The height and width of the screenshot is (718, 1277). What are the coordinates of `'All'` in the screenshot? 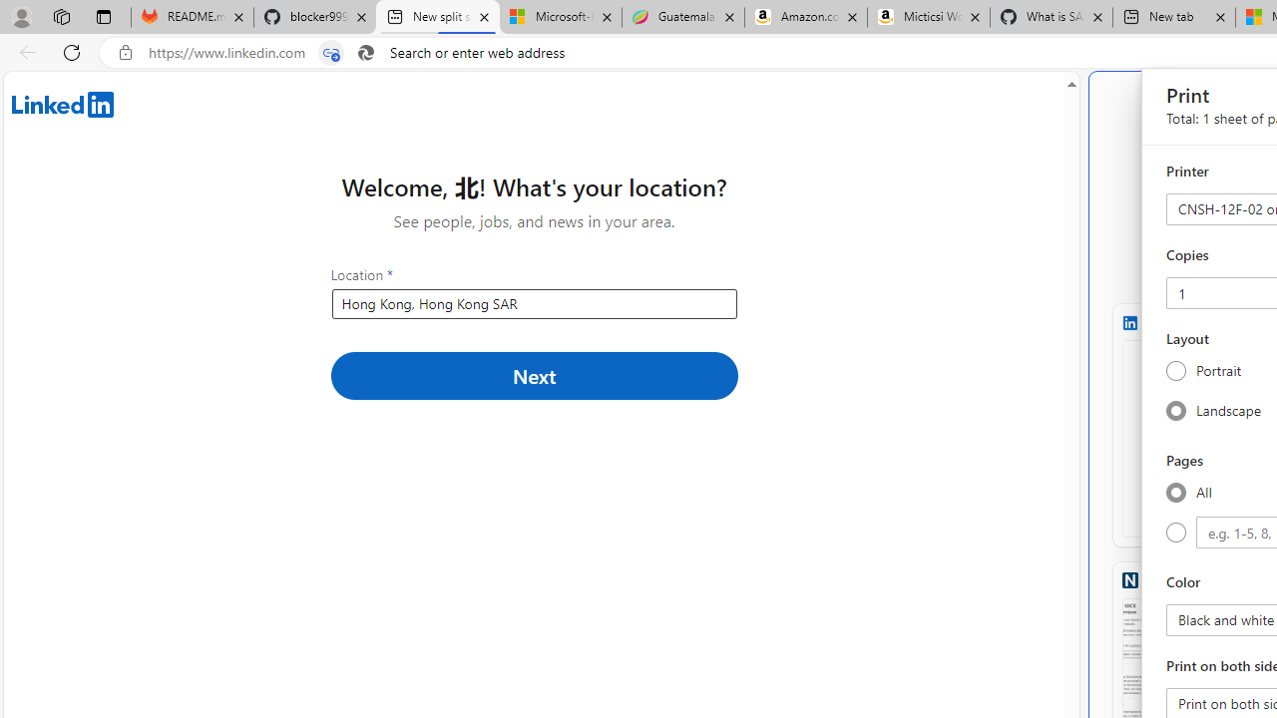 It's located at (1175, 492).